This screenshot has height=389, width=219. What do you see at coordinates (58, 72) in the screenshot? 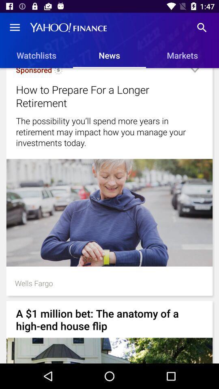
I see `the item below watchlists` at bounding box center [58, 72].